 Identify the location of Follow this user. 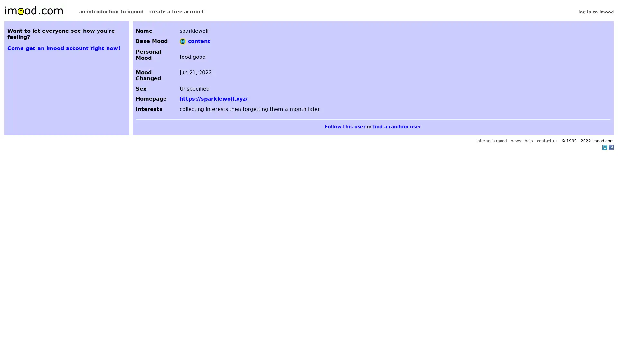
(345, 126).